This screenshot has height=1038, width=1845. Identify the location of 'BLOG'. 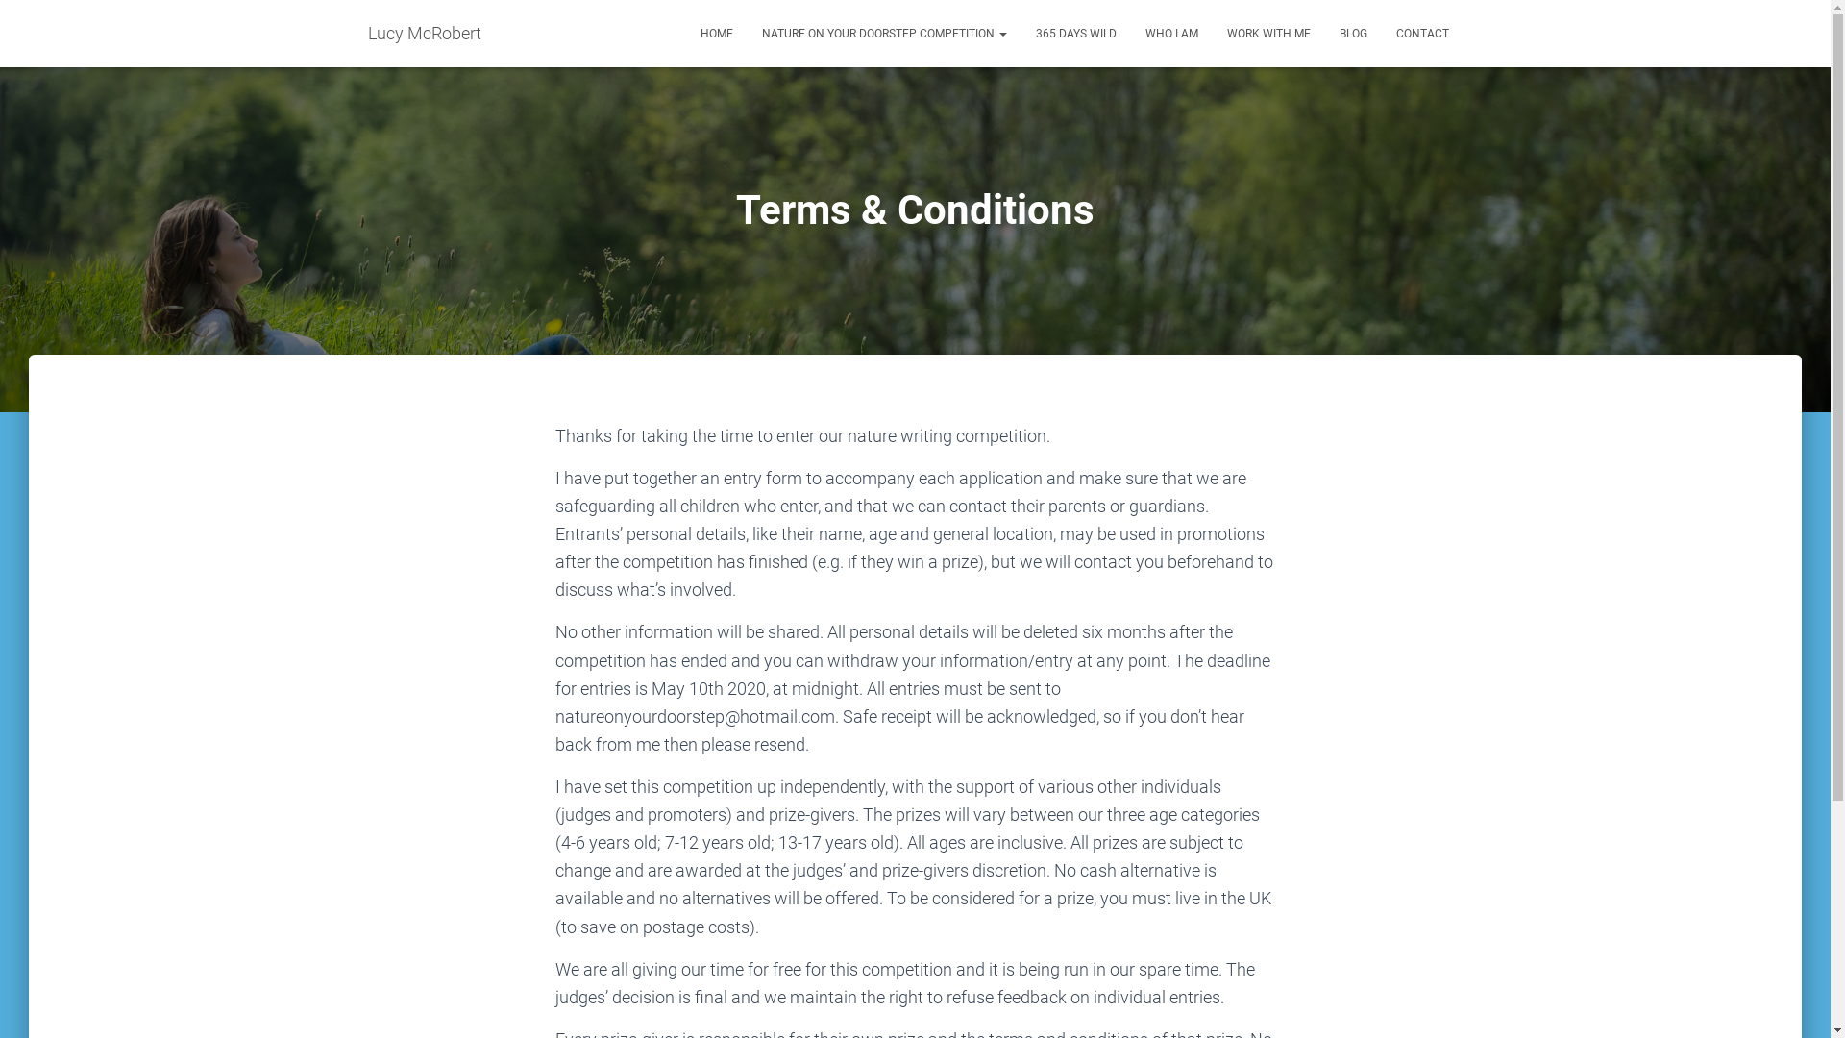
(1351, 33).